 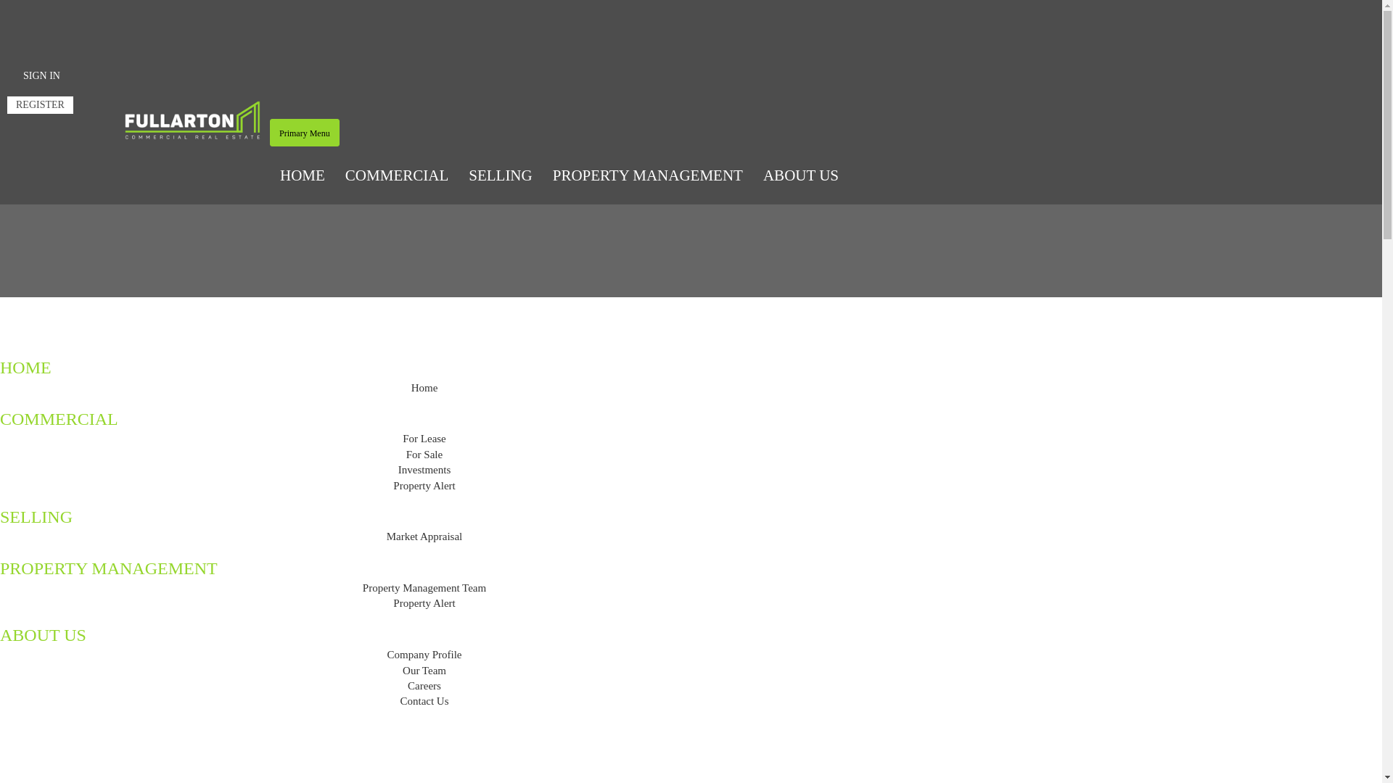 I want to click on 'SELLING', so click(x=501, y=175).